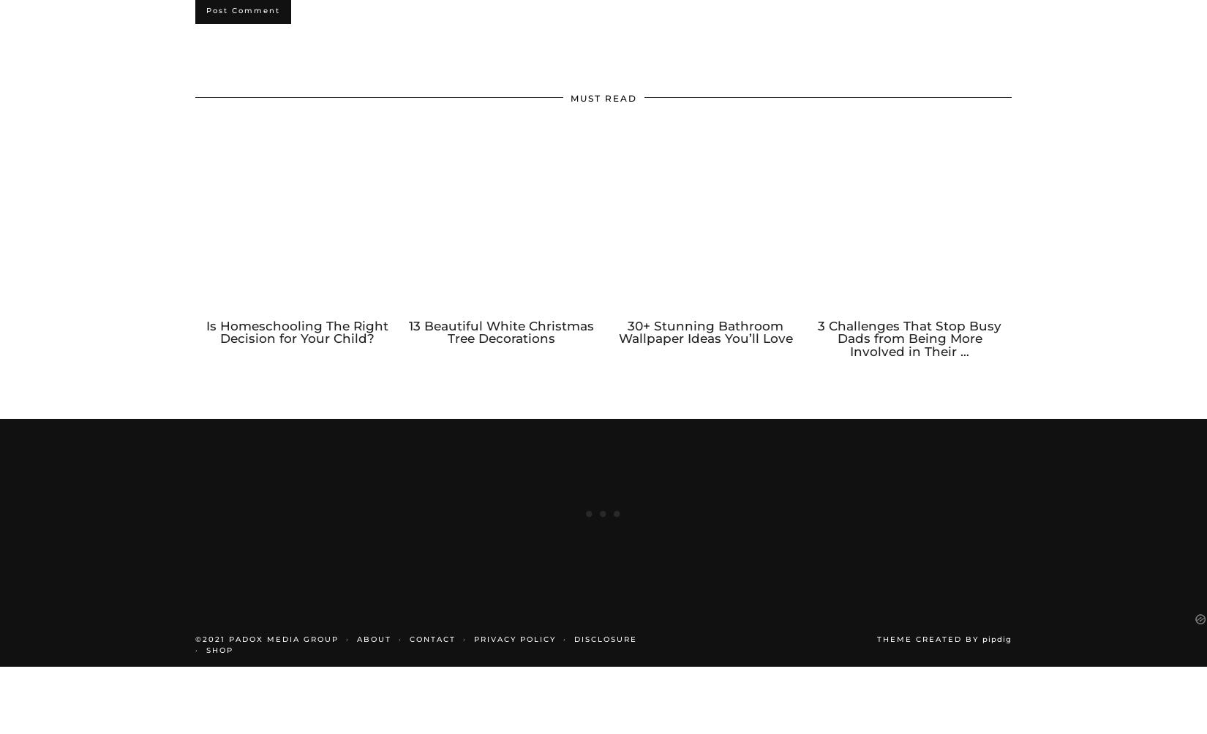 Image resolution: width=1207 pixels, height=734 pixels. What do you see at coordinates (195, 653) in the screenshot?
I see `'©2021 PADOX MEDIA GROUP'` at bounding box center [195, 653].